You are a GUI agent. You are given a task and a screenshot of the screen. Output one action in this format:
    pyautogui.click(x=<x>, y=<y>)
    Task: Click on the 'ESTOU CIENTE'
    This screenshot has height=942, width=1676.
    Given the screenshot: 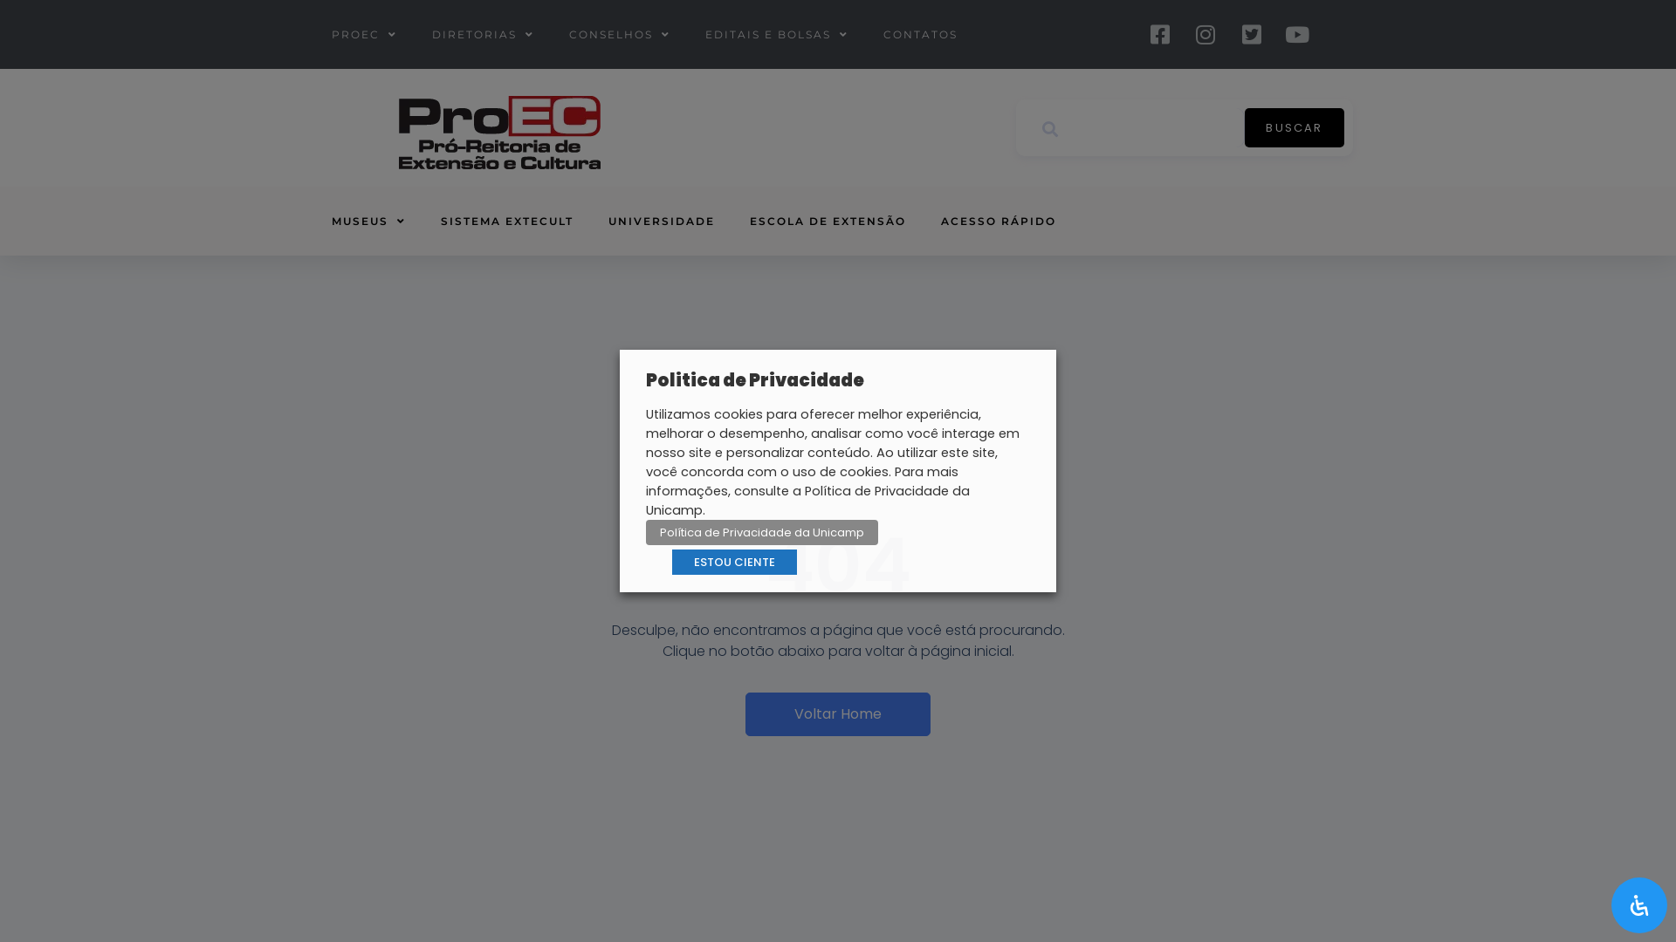 What is the action you would take?
    pyautogui.click(x=734, y=562)
    